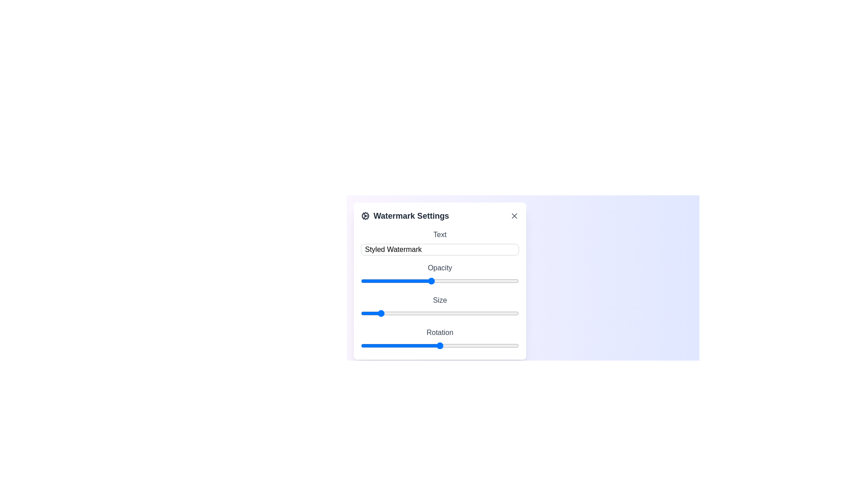 The width and height of the screenshot is (862, 485). I want to click on the settings icon located to the left of the 'Watermark Settings' label in the header section of the settings dialog, so click(365, 216).